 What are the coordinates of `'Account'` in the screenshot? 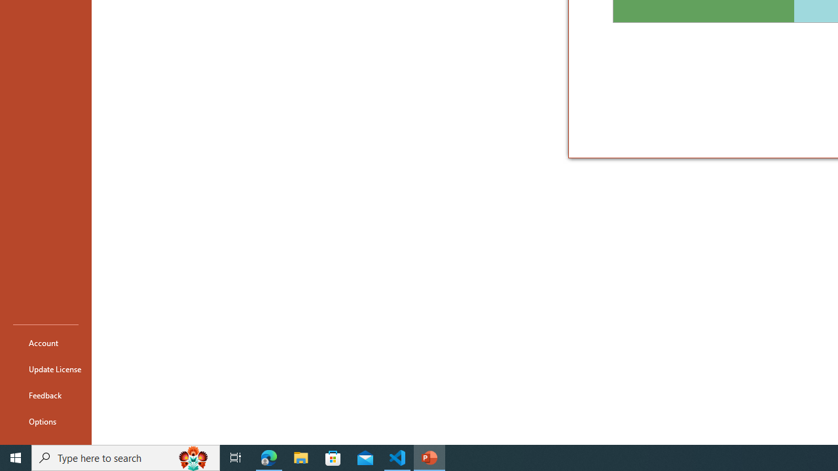 It's located at (45, 342).